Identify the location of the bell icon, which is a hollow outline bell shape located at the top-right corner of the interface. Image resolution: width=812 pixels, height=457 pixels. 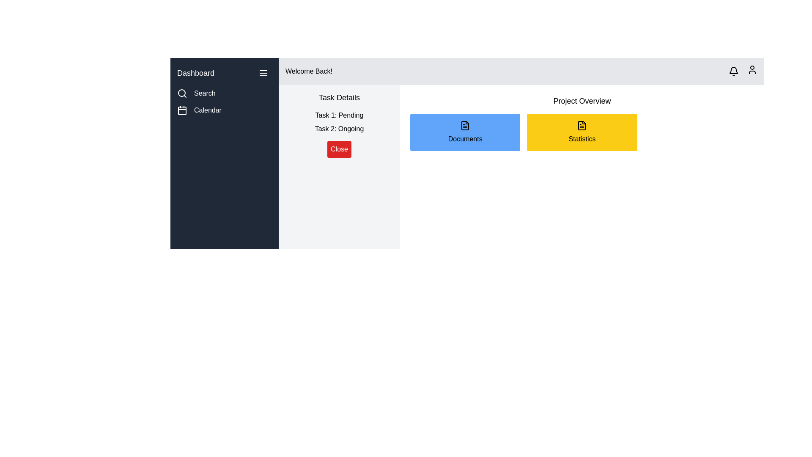
(733, 71).